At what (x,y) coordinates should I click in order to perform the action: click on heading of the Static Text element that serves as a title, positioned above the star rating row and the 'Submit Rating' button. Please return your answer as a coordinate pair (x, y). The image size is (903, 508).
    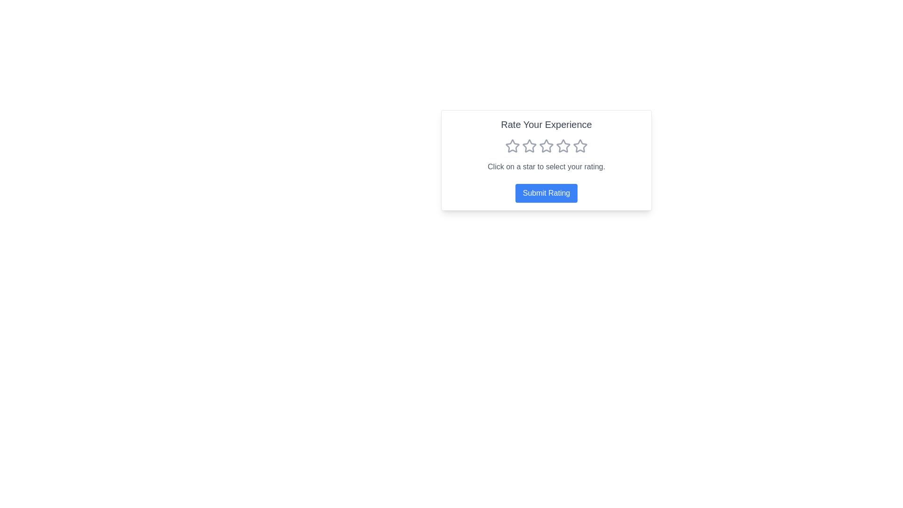
    Looking at the image, I should click on (546, 124).